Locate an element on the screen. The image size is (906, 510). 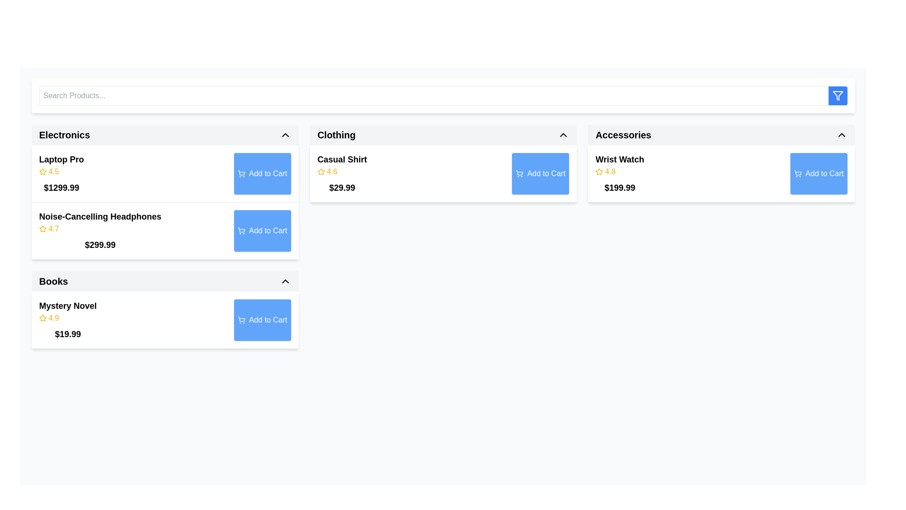
the 'Add to Cart' button that contains the shopping cart SVG icon in the 'Books' section for the 'Mystery Novel' item is located at coordinates (241, 319).